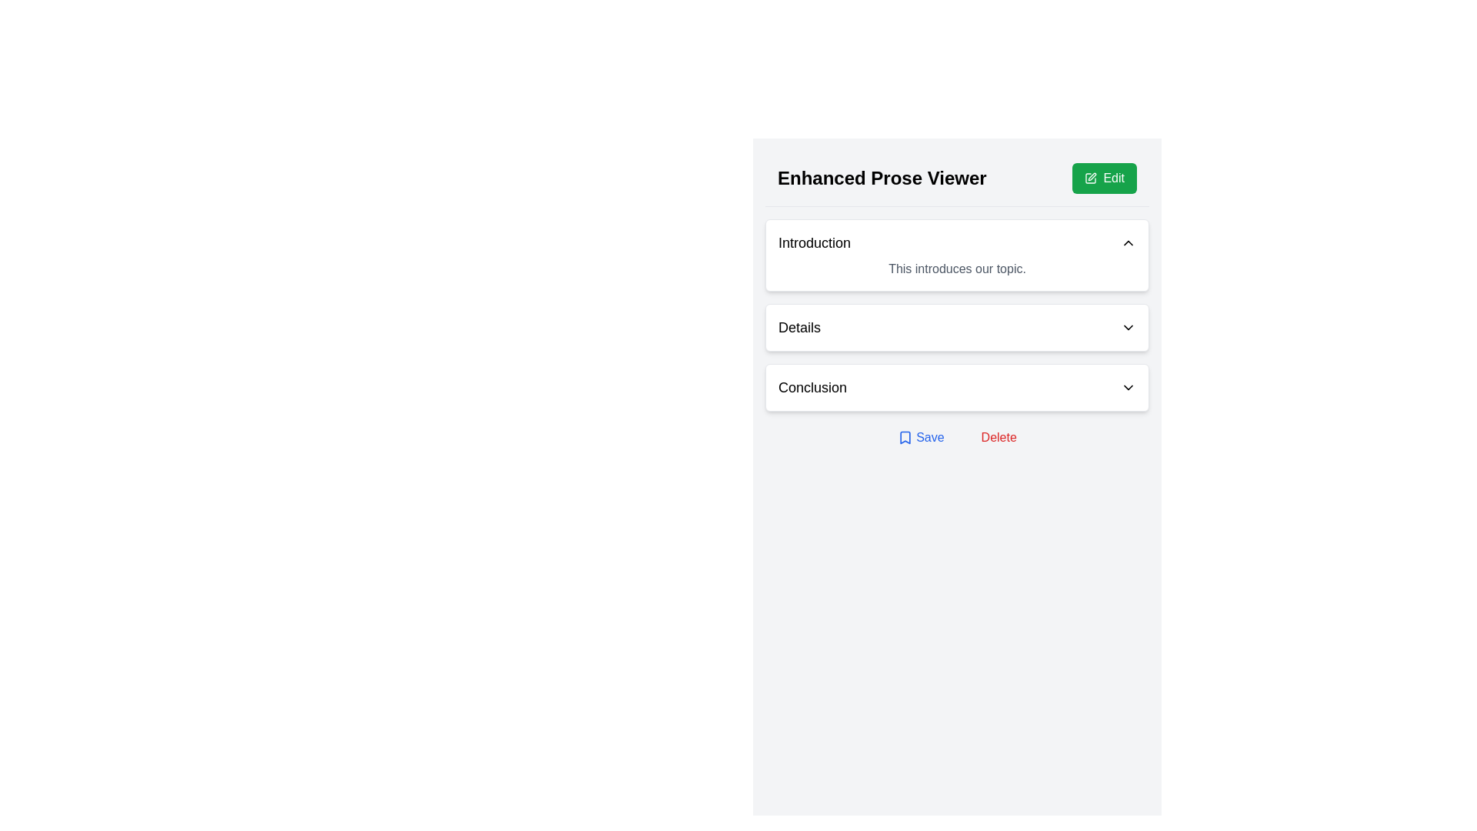  Describe the element at coordinates (921, 438) in the screenshot. I see `the 'Save' button, which is labeled in blue text with an underline on hover and has a bookmark icon to the left, positioned at the bottom of the section to the left of the 'Delete' button` at that location.